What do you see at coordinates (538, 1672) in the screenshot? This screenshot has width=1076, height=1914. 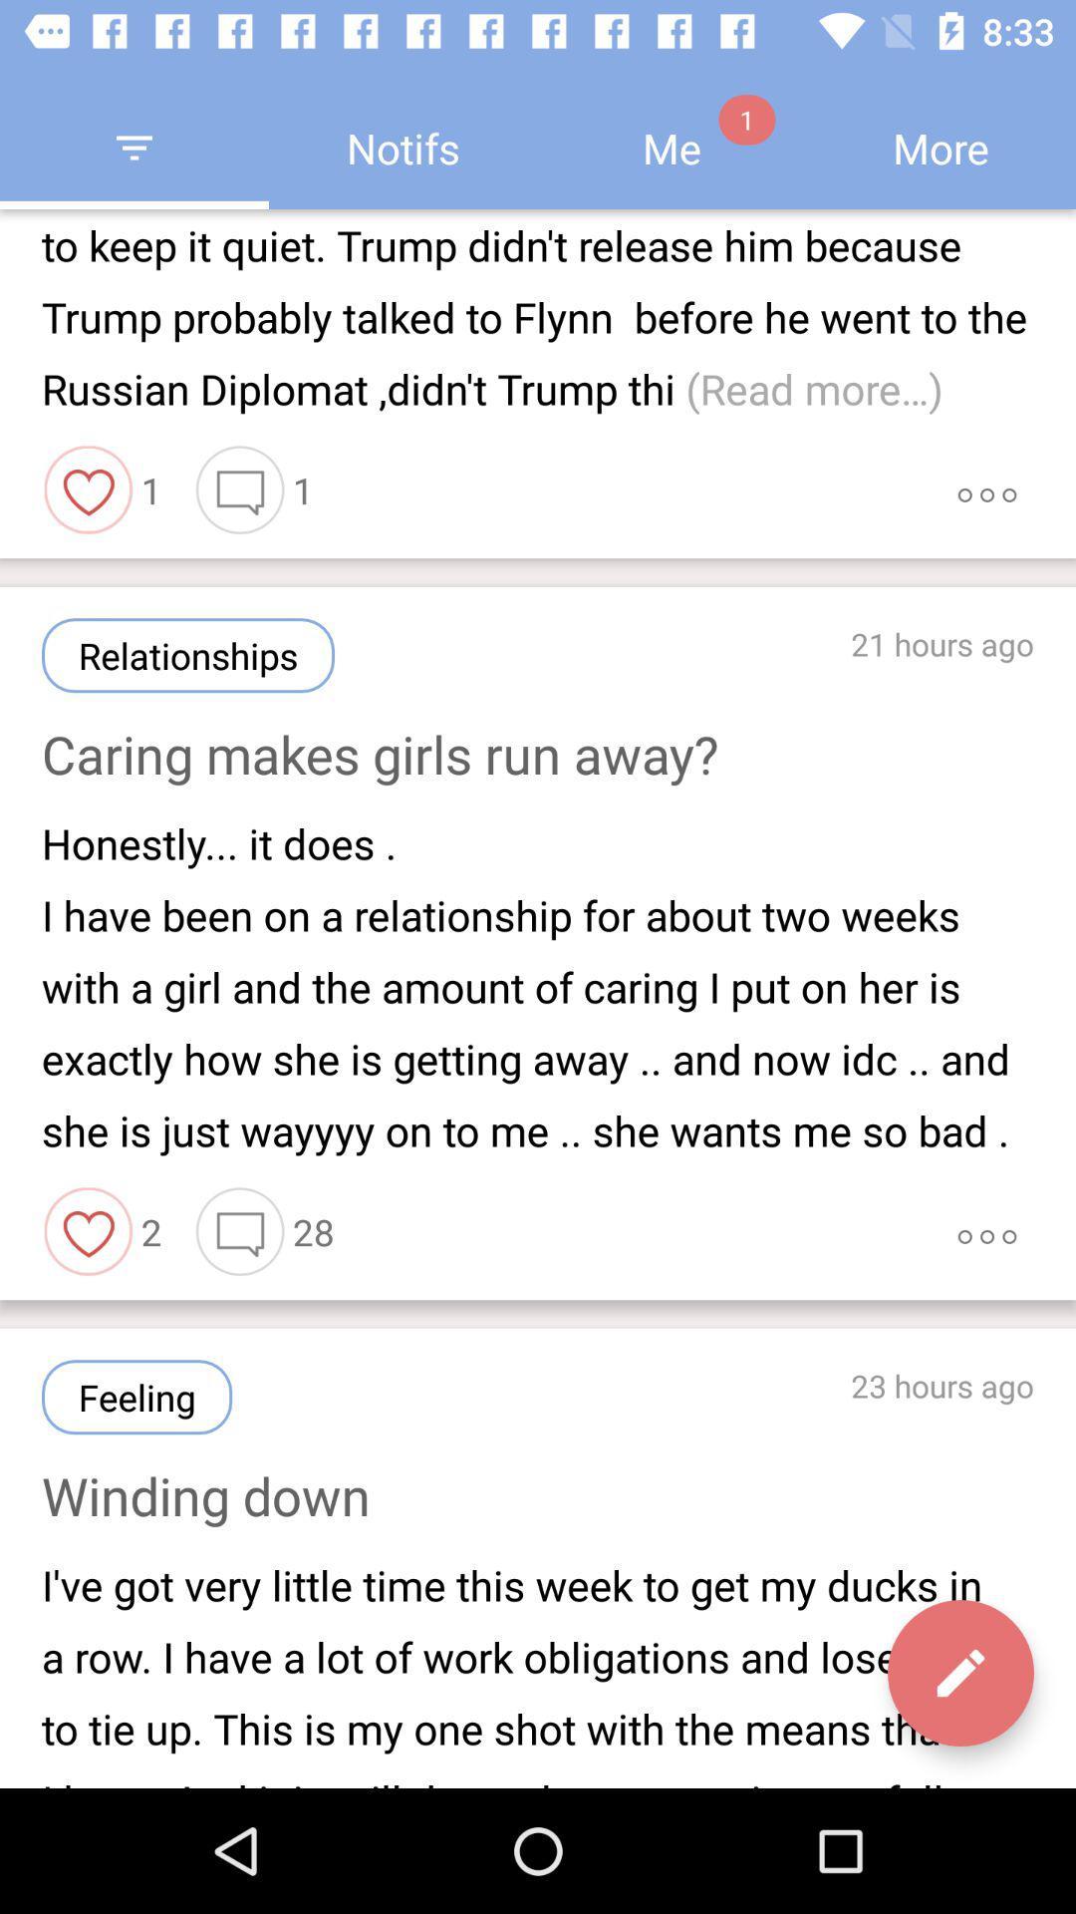 I see `i ve got item` at bounding box center [538, 1672].